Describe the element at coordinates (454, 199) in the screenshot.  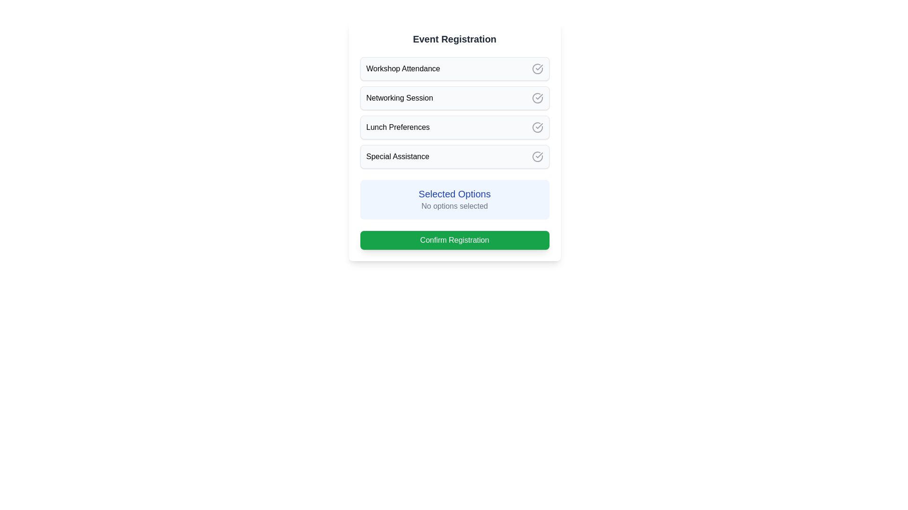
I see `the informational box that displays a summary of selected options, located centrally below the options and above the 'Confirm Registration' button` at that location.